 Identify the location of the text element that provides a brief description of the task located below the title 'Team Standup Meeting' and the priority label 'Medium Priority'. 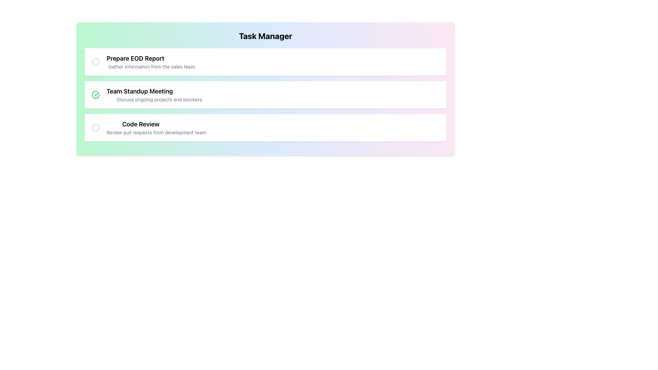
(159, 99).